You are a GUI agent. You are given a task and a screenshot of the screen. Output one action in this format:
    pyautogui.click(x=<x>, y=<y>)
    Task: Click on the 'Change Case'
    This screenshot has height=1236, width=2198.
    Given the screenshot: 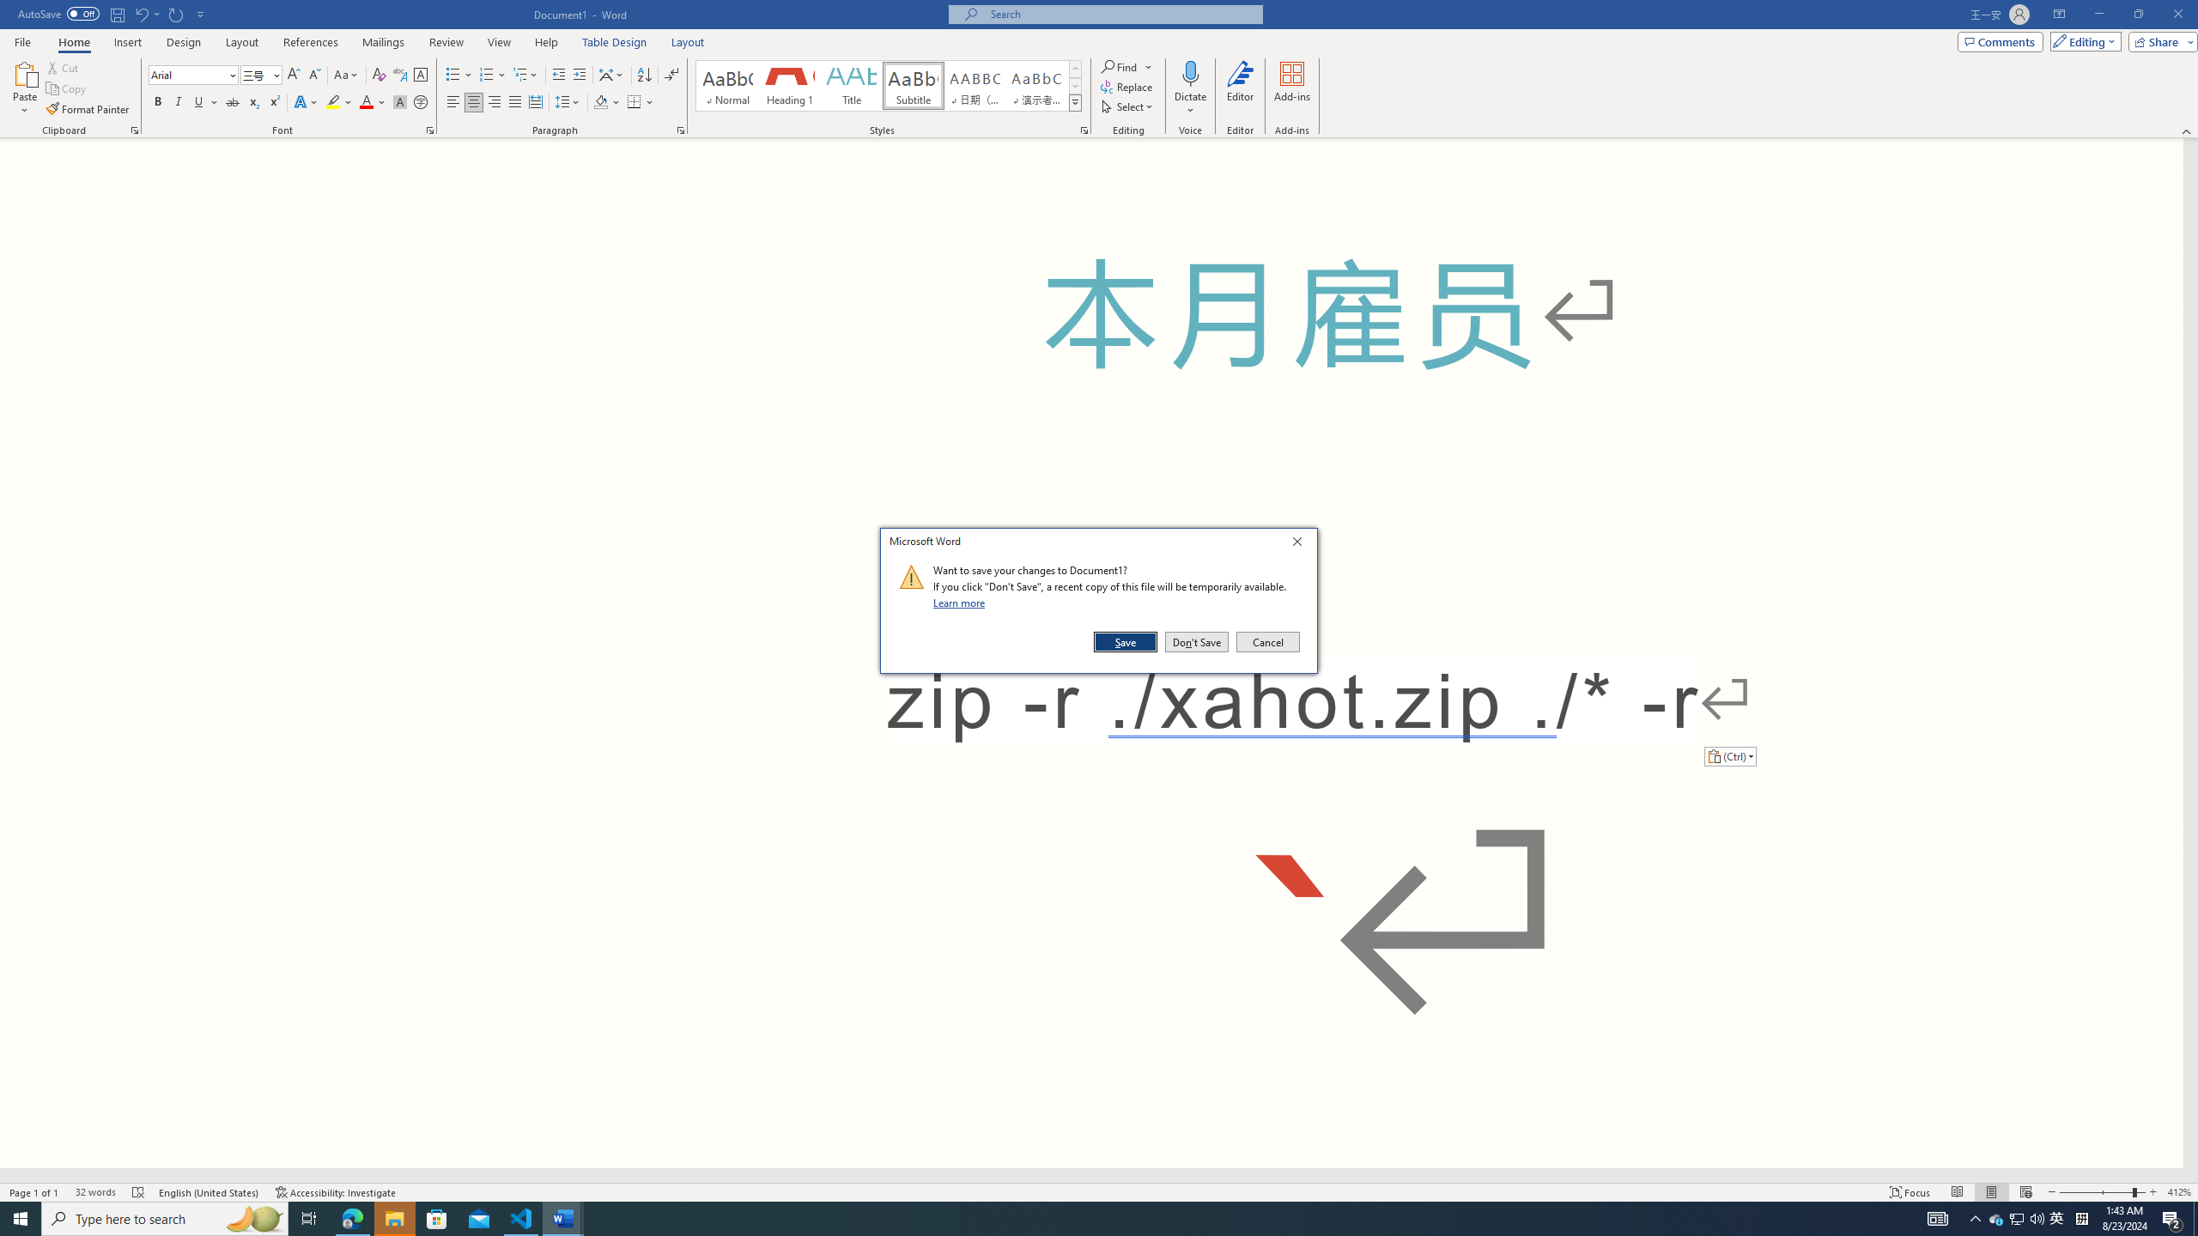 What is the action you would take?
    pyautogui.click(x=346, y=75)
    